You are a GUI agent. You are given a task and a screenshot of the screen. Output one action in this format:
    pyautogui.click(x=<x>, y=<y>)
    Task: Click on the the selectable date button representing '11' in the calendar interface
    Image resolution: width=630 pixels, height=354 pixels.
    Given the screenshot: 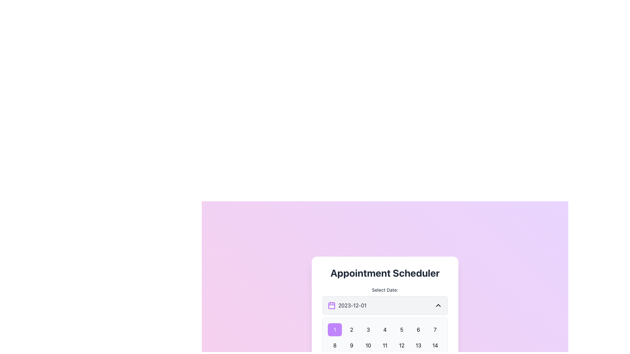 What is the action you would take?
    pyautogui.click(x=385, y=345)
    